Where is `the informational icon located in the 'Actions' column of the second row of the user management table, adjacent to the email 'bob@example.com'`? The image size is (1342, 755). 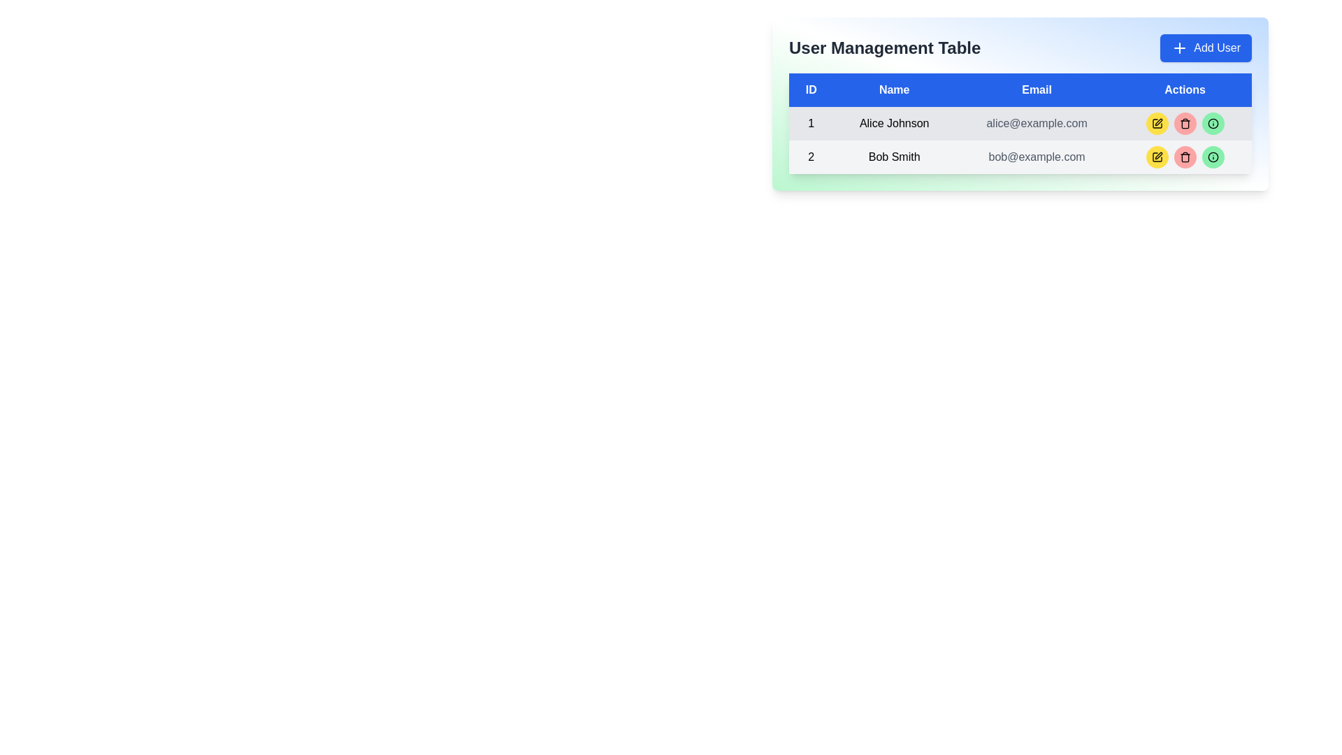 the informational icon located in the 'Actions' column of the second row of the user management table, adjacent to the email 'bob@example.com' is located at coordinates (1212, 157).